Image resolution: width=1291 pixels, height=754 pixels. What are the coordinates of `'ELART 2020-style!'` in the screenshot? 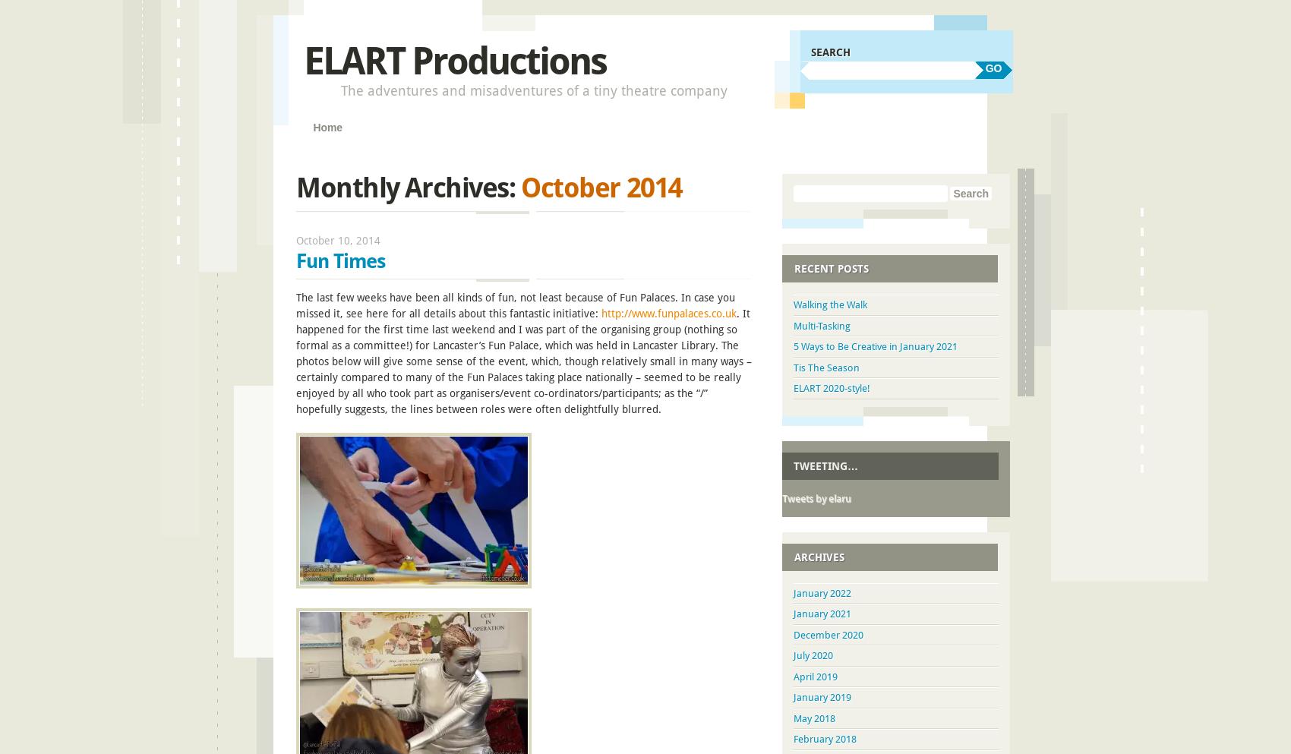 It's located at (832, 388).